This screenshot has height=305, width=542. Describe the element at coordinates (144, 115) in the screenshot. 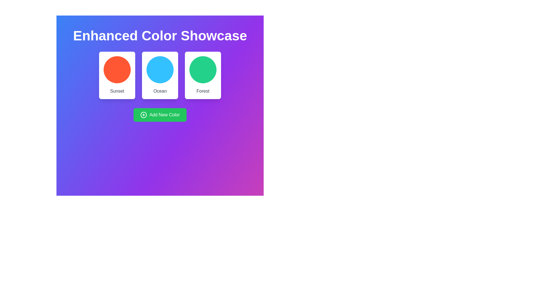

I see `the circular icon at the center of the 'Add New Color' button to interact with the button` at that location.